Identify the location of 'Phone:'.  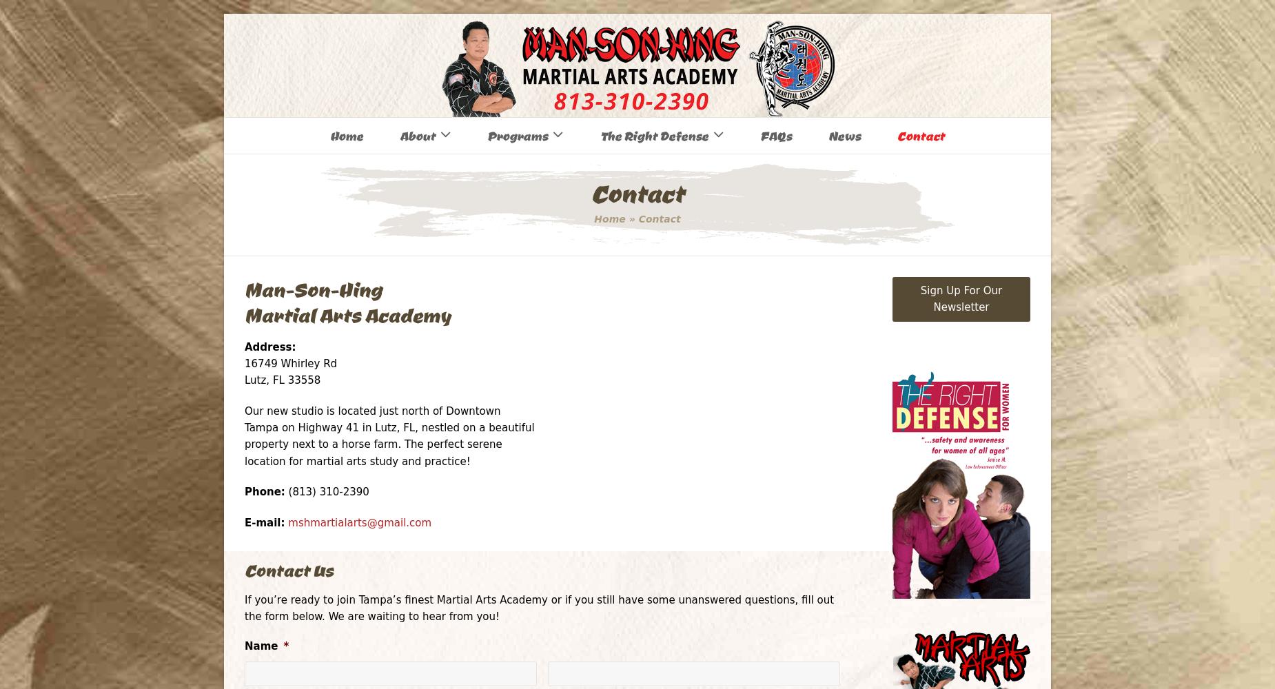
(244, 491).